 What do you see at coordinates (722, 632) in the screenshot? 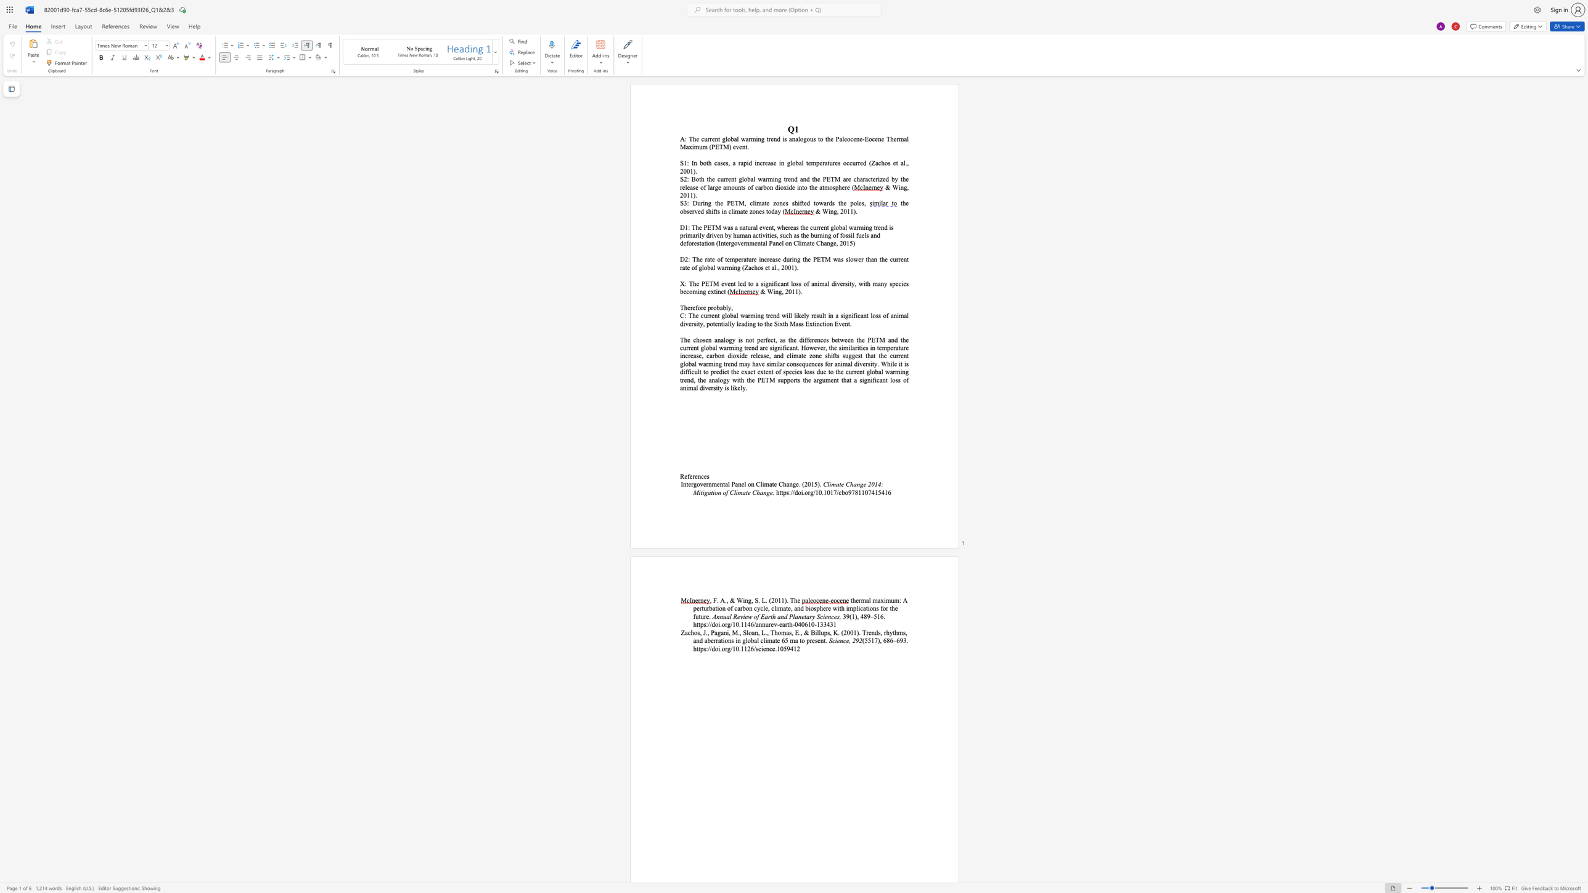
I see `the 3th character "a" in the text` at bounding box center [722, 632].